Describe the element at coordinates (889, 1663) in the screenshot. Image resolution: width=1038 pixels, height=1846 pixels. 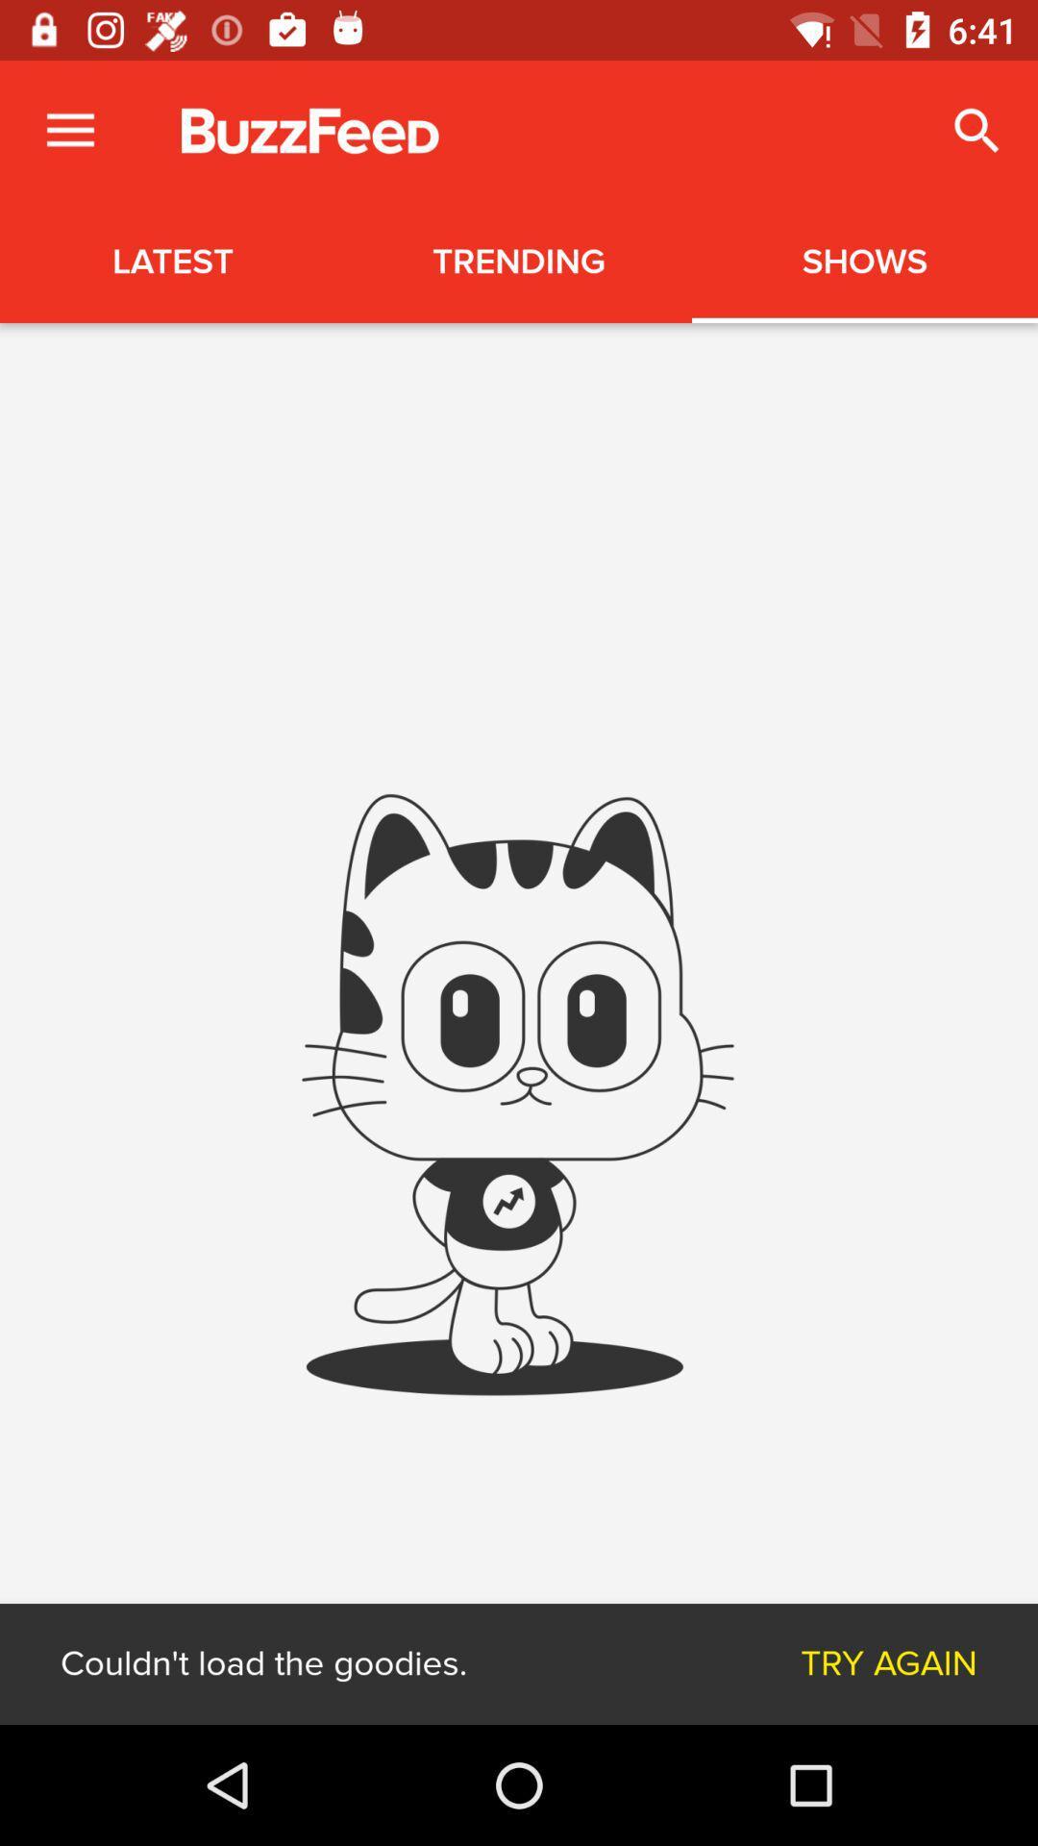
I see `the icon at the bottom right corner` at that location.